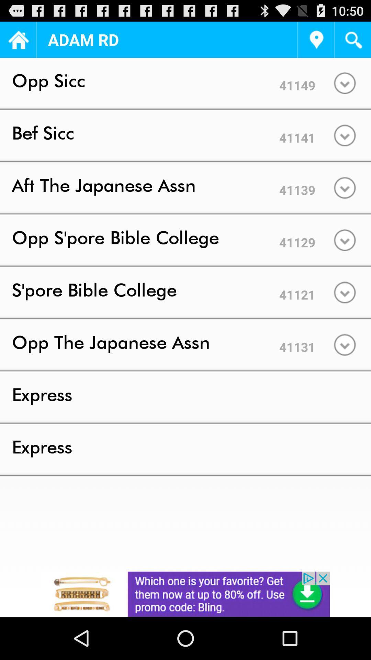 The width and height of the screenshot is (371, 660). What do you see at coordinates (18, 42) in the screenshot?
I see `the home icon` at bounding box center [18, 42].